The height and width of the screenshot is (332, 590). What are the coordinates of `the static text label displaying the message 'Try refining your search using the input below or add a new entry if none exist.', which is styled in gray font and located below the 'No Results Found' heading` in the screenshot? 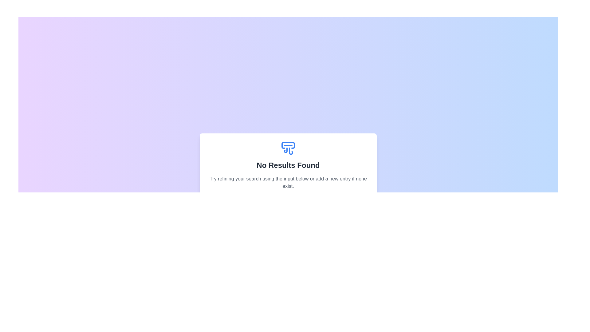 It's located at (288, 182).